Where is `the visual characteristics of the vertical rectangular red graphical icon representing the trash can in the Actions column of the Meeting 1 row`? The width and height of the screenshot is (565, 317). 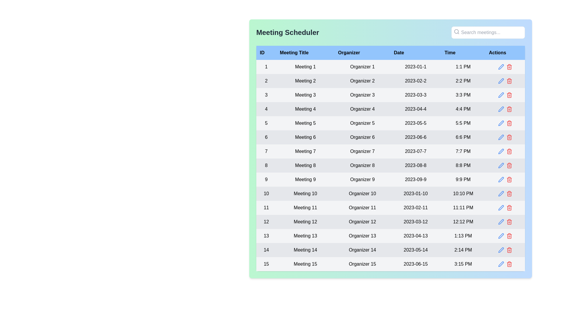 the visual characteristics of the vertical rectangular red graphical icon representing the trash can in the Actions column of the Meeting 1 row is located at coordinates (509, 67).